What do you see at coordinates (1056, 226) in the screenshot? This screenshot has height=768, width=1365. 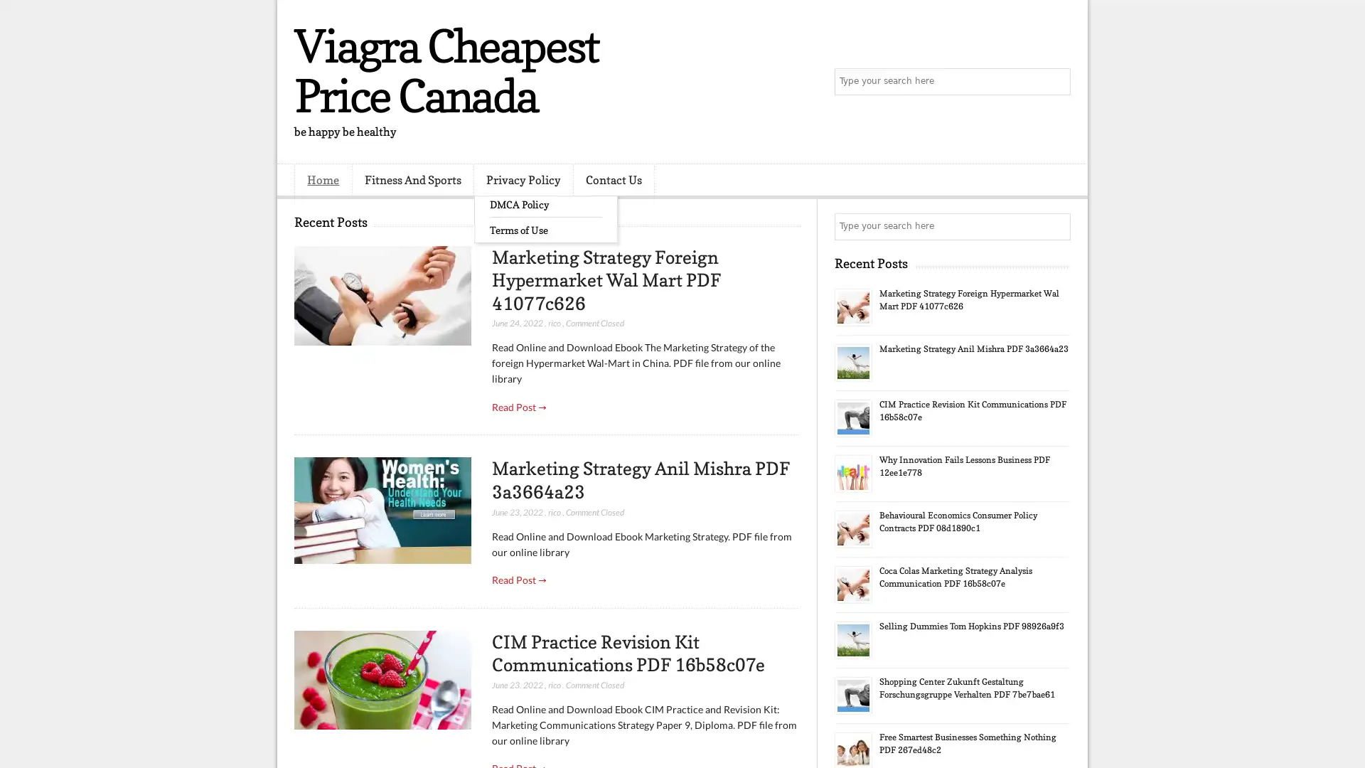 I see `Search` at bounding box center [1056, 226].